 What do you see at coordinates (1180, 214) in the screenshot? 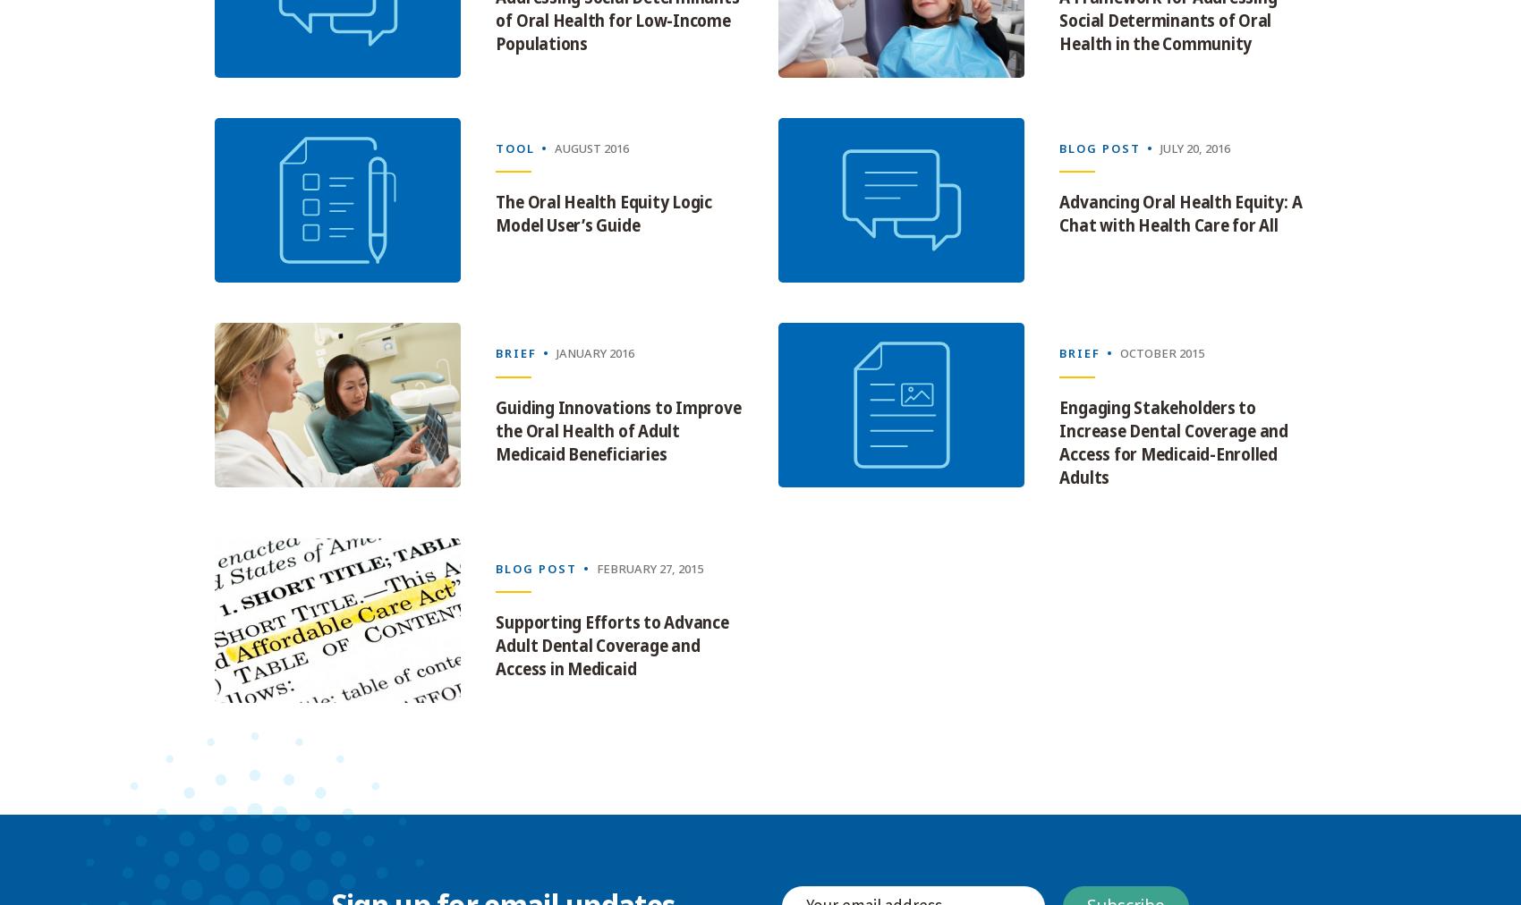
I see `'Advancing Oral Health Equity: A Chat with Health Care for All'` at bounding box center [1180, 214].